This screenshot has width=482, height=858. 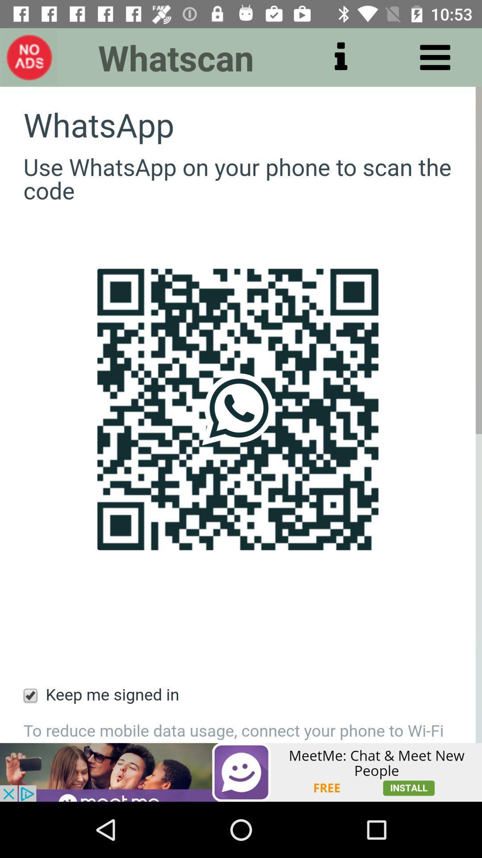 What do you see at coordinates (240, 772) in the screenshot?
I see `open advertisement` at bounding box center [240, 772].